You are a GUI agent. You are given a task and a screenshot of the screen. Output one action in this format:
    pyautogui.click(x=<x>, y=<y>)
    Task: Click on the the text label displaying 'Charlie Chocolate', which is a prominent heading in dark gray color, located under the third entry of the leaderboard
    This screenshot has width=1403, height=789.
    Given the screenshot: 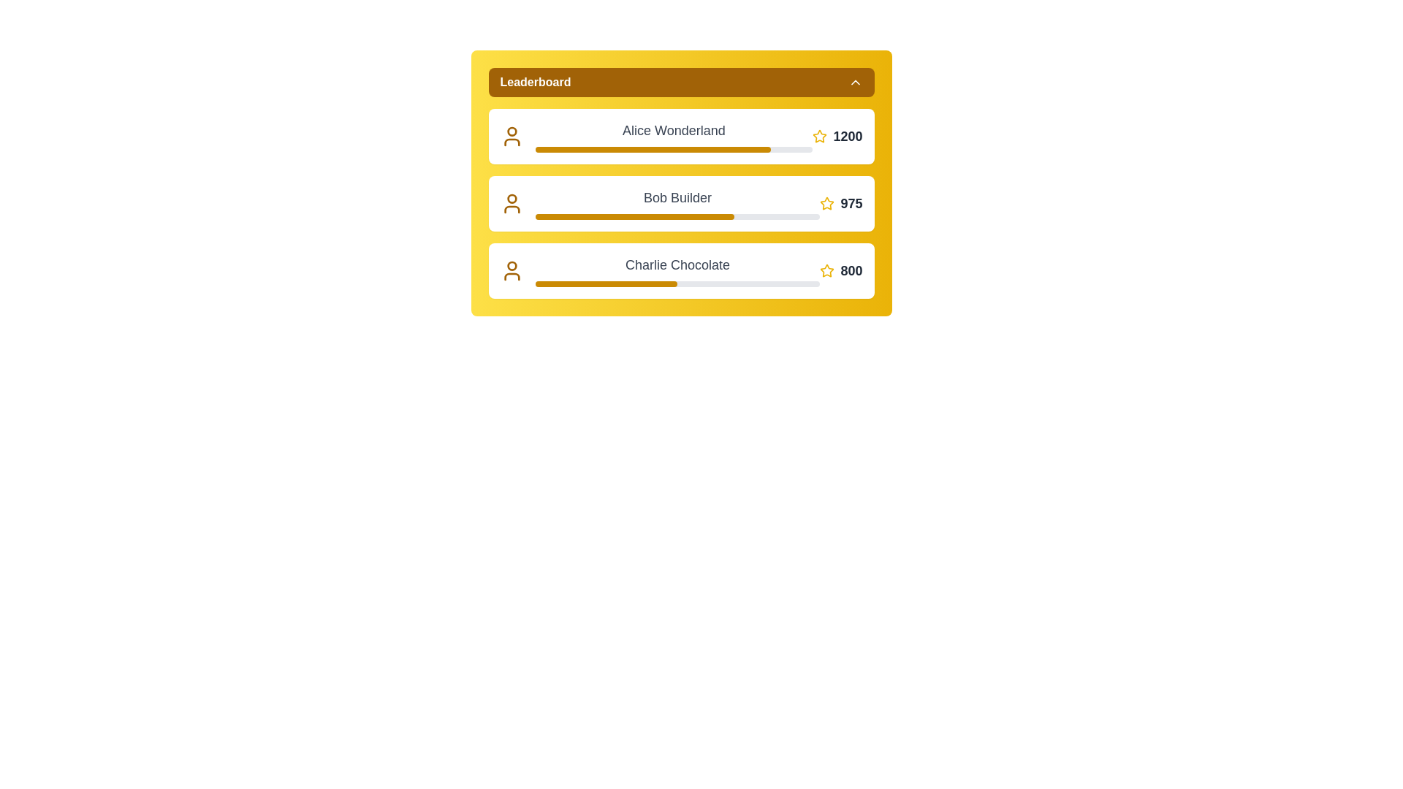 What is the action you would take?
    pyautogui.click(x=677, y=264)
    